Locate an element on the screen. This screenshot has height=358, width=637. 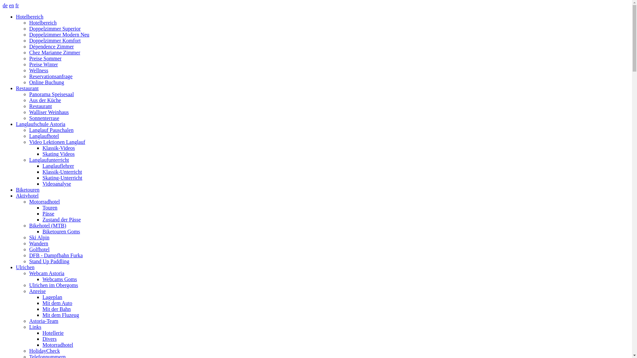
'Doppelzimmer Modern Neu' is located at coordinates (59, 34).